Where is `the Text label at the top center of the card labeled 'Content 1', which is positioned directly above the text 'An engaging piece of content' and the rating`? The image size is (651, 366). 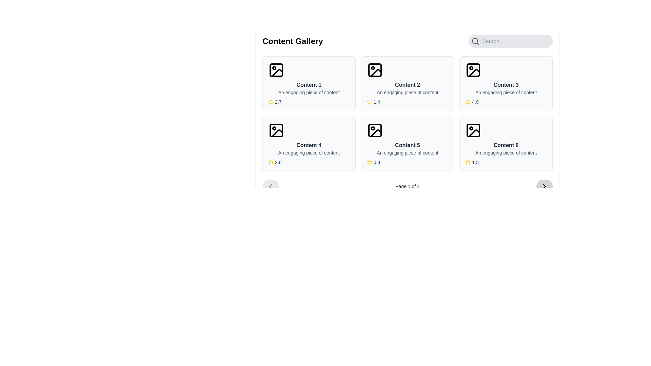
the Text label at the top center of the card labeled 'Content 1', which is positioned directly above the text 'An engaging piece of content' and the rating is located at coordinates (309, 84).